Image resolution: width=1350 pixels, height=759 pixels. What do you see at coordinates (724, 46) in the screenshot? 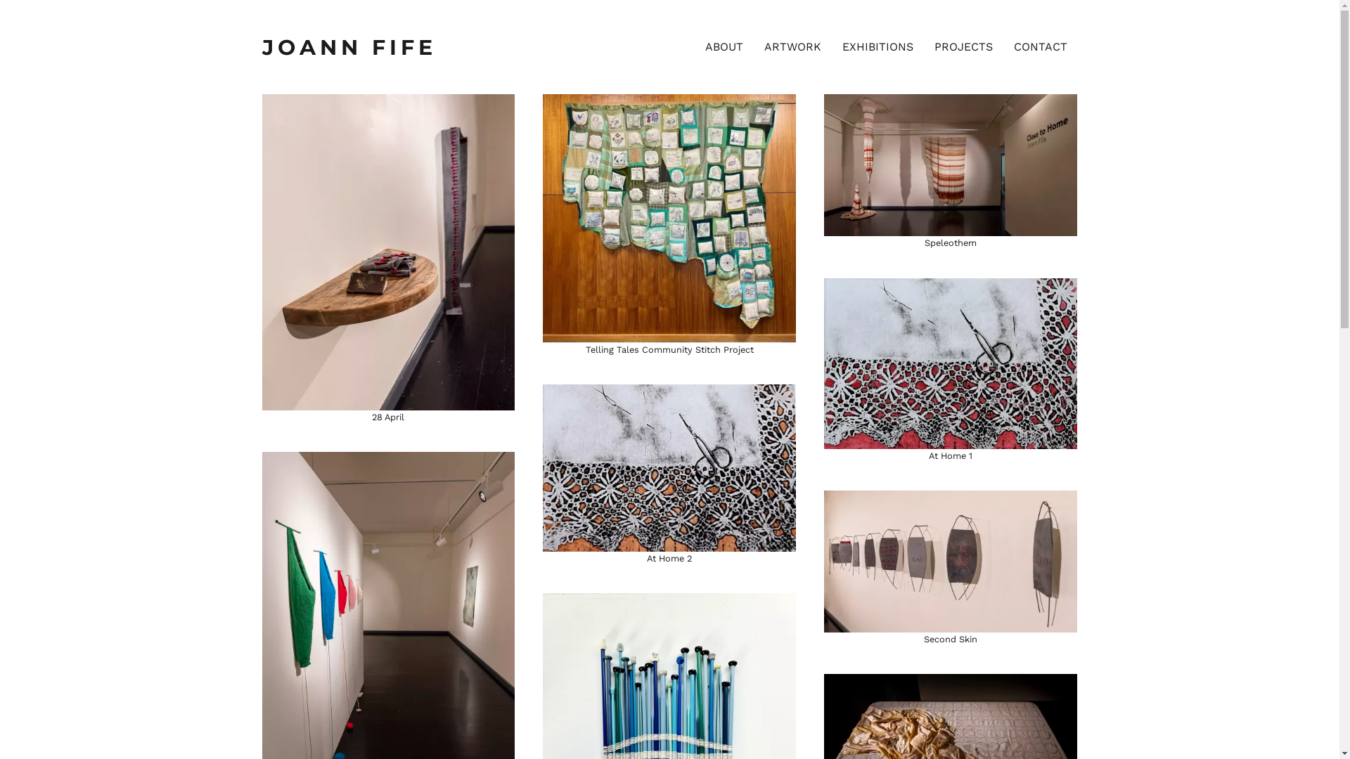
I see `'ABOUT'` at bounding box center [724, 46].